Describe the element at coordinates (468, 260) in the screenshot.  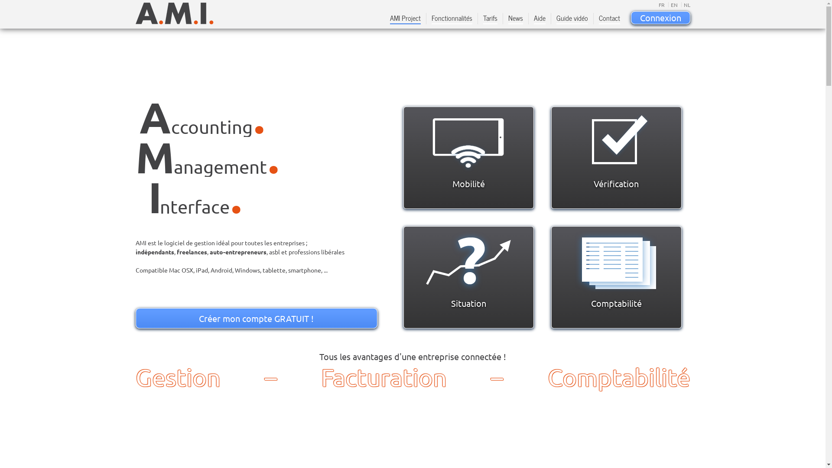
I see `'La situation de votre entreprise en un coup d'oeil'` at that location.